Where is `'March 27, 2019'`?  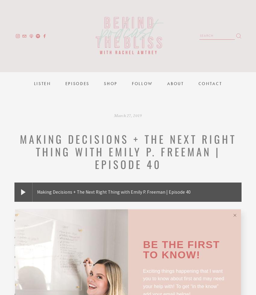 'March 27, 2019' is located at coordinates (128, 115).